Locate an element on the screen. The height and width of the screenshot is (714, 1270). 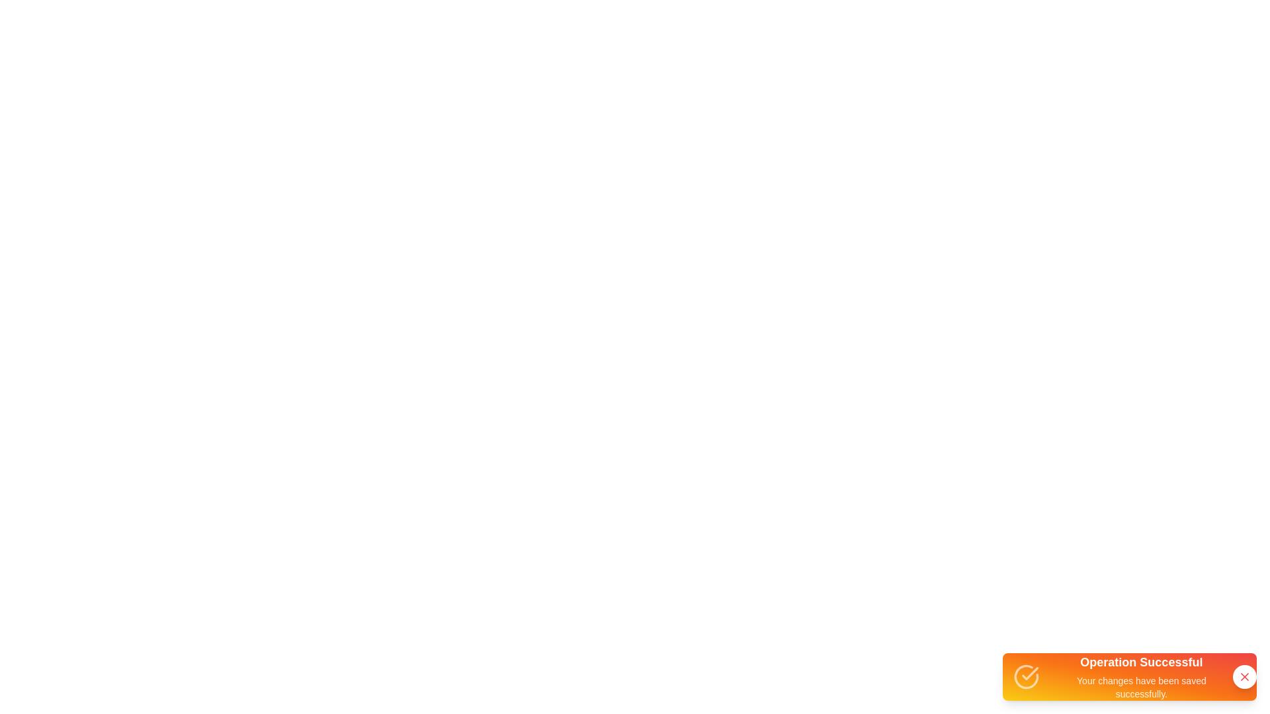
close button to dismiss the snackbar is located at coordinates (1244, 676).